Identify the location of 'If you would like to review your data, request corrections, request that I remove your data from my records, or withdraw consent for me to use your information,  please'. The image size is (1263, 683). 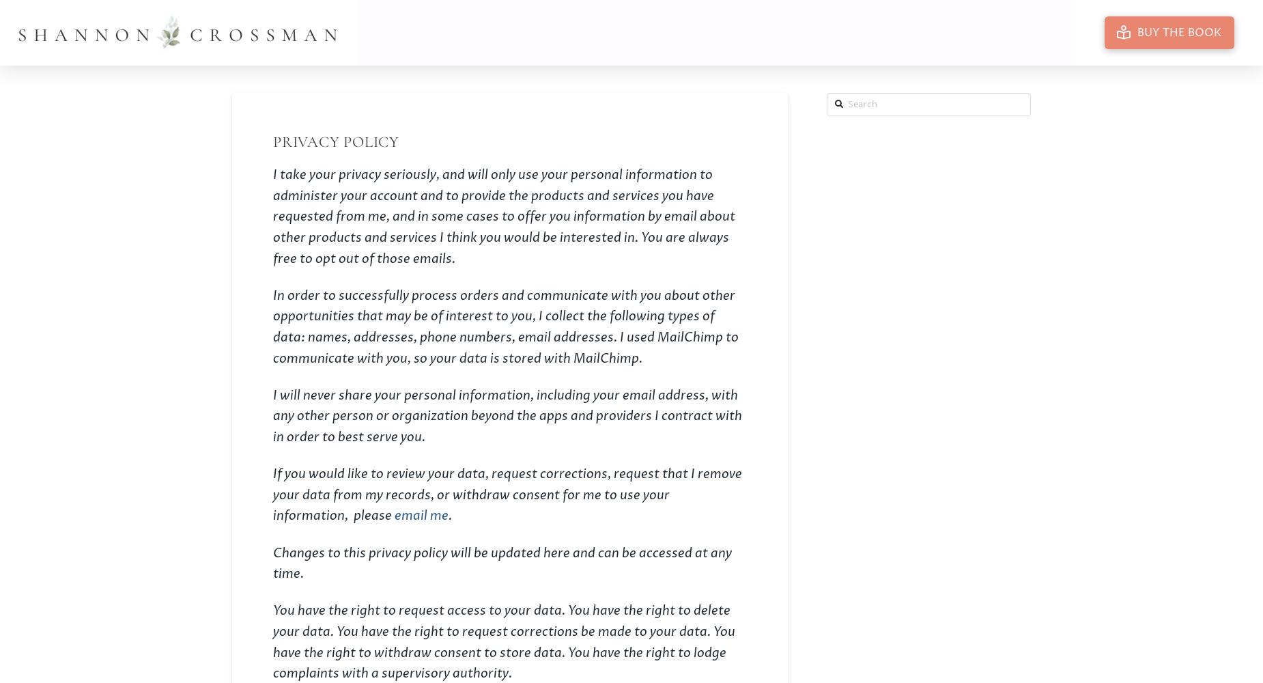
(507, 494).